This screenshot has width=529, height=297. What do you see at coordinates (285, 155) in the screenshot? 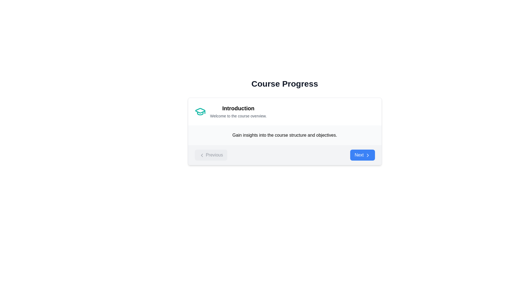
I see `the Navigation bar containing the gray 'Previous' button and the blue 'Next' button for visual feedback` at bounding box center [285, 155].